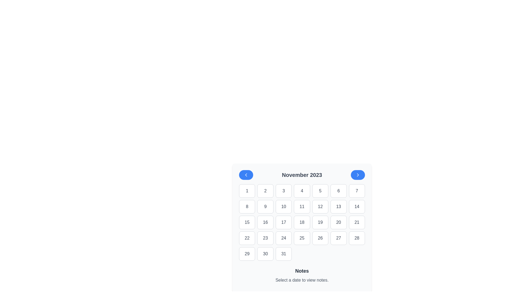  What do you see at coordinates (265, 222) in the screenshot?
I see `the button displaying the number '16' located in the third row, second column of the grid` at bounding box center [265, 222].